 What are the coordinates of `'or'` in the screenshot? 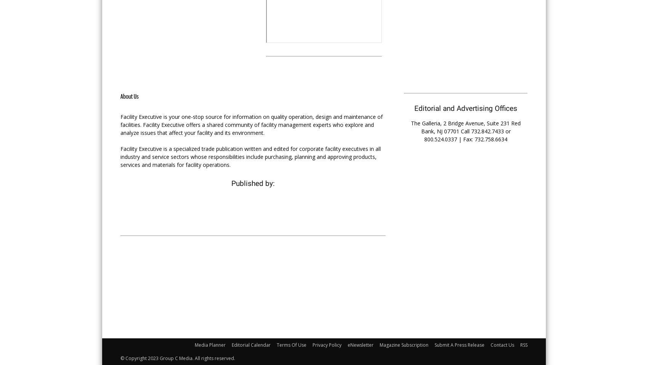 It's located at (507, 130).